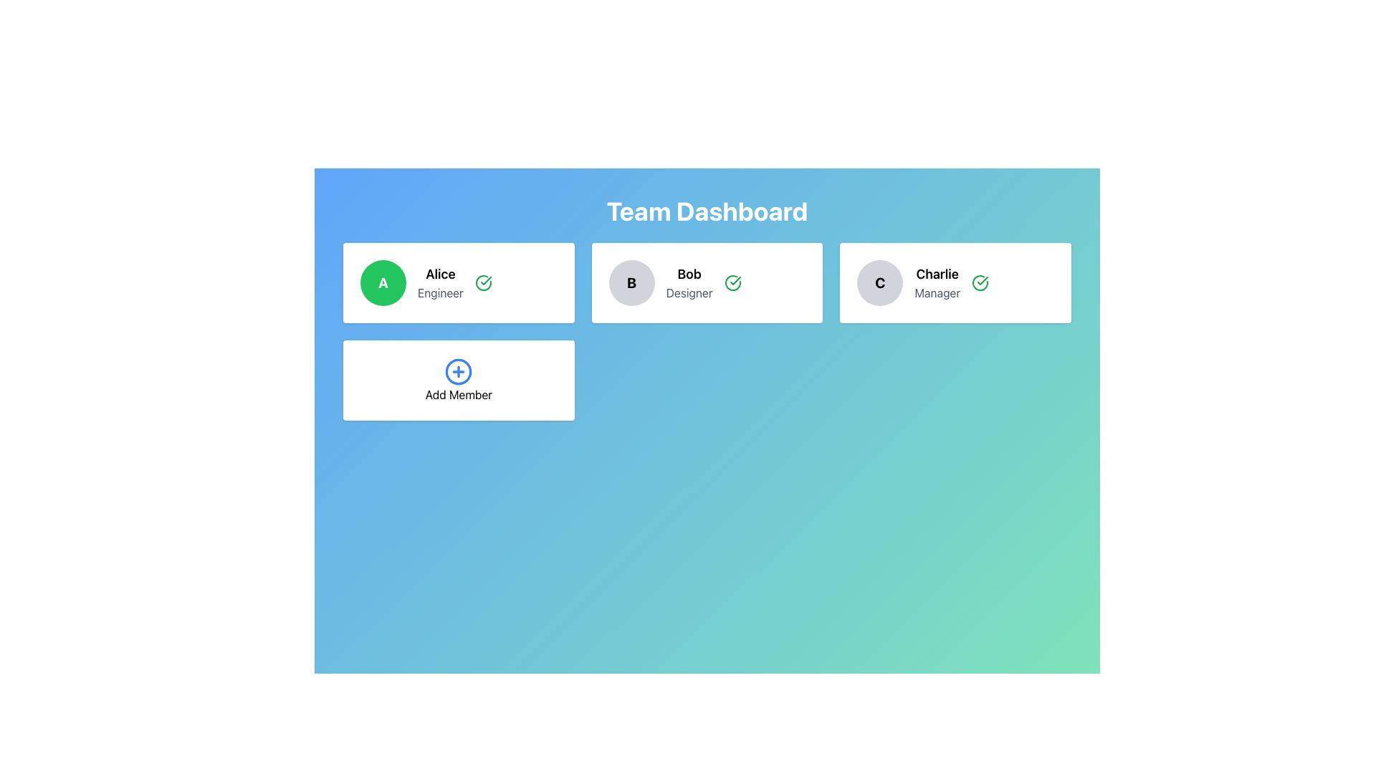 This screenshot has height=774, width=1376. What do you see at coordinates (937, 292) in the screenshot?
I see `the text label that specifies the role 'Manager' associated with the card of 'Charlie' in the rightmost column of the dashboard` at bounding box center [937, 292].